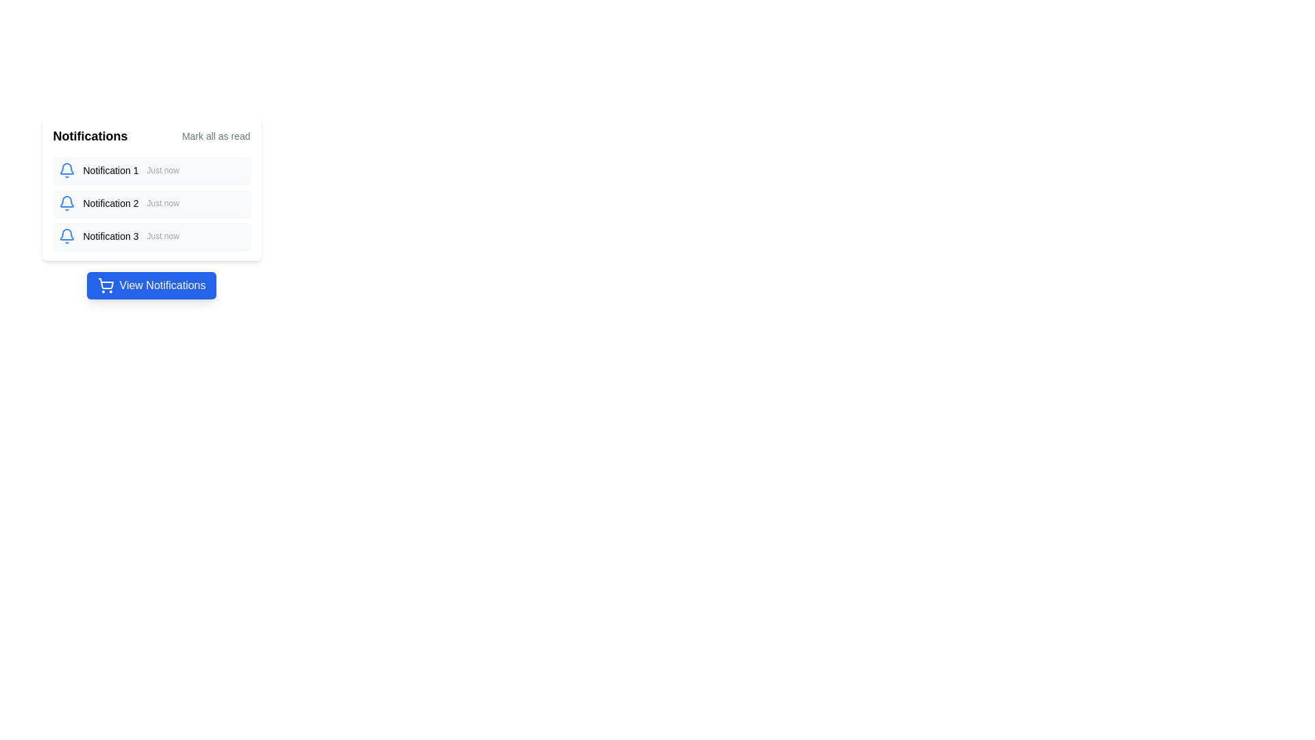  What do you see at coordinates (163, 235) in the screenshot?
I see `the small gray text label displaying 'Just now', which is the last timestamp element in a grouped list of notifications` at bounding box center [163, 235].